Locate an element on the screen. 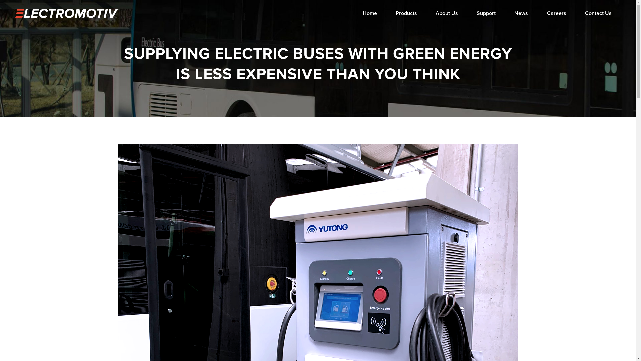 Image resolution: width=641 pixels, height=361 pixels. 'Careers' is located at coordinates (556, 13).